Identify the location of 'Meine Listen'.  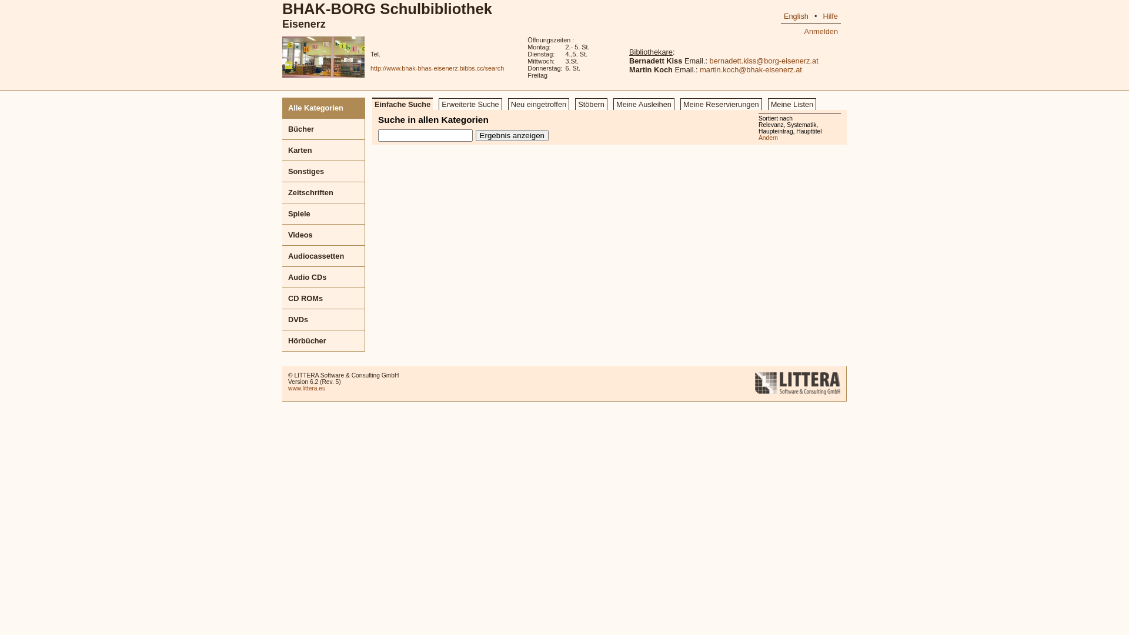
(792, 103).